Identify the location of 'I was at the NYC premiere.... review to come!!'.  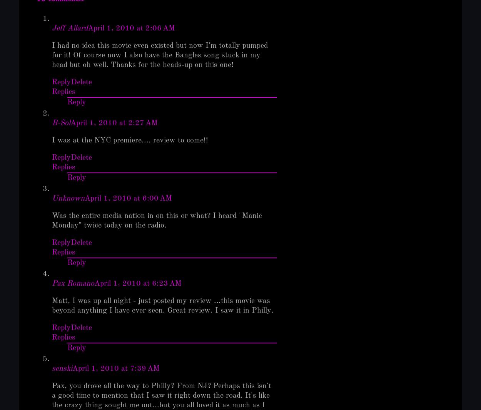
(129, 140).